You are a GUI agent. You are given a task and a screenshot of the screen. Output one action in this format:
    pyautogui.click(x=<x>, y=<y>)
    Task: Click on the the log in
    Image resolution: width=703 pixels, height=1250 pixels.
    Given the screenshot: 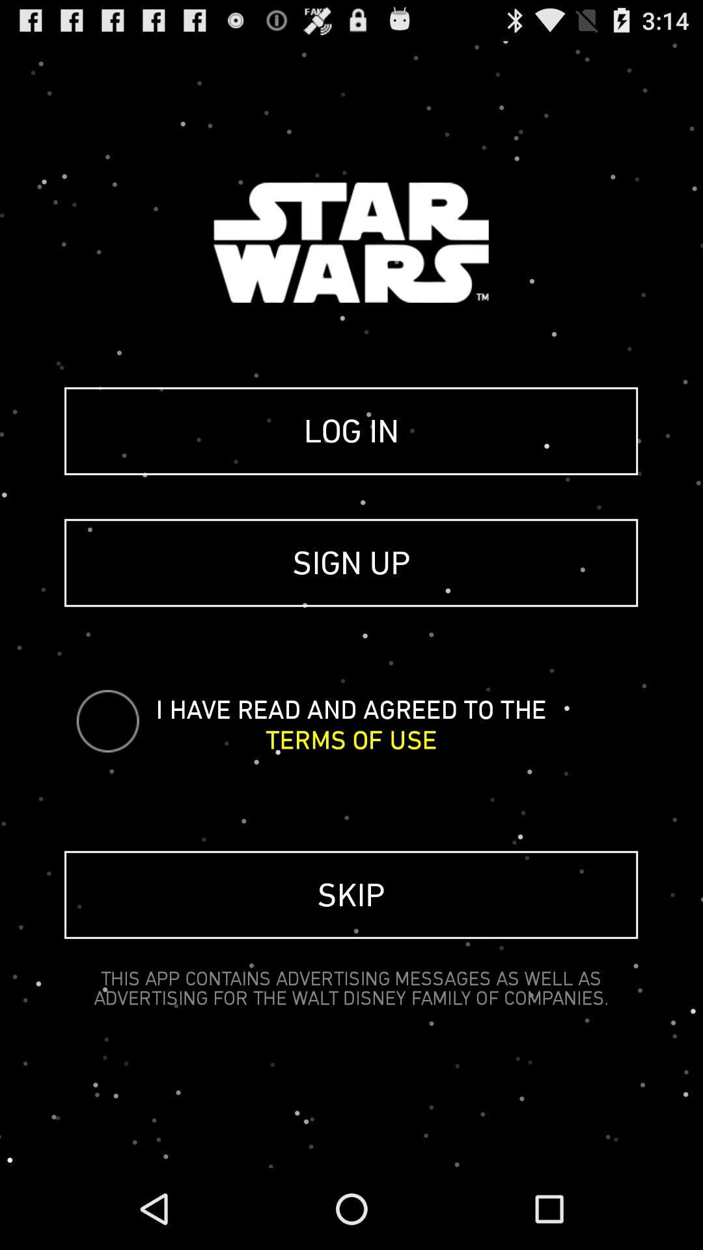 What is the action you would take?
    pyautogui.click(x=350, y=431)
    